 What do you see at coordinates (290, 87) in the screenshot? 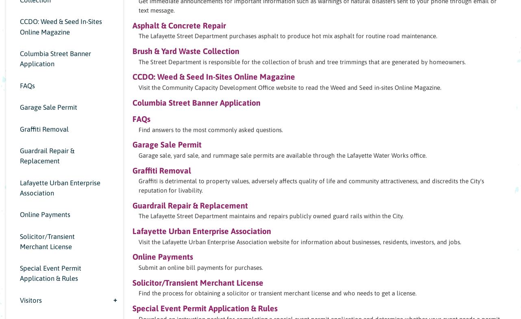
I see `'Visit the Community Capacity Development Office website to read the Weed and Seed in-sites Online Magazine.'` at bounding box center [290, 87].